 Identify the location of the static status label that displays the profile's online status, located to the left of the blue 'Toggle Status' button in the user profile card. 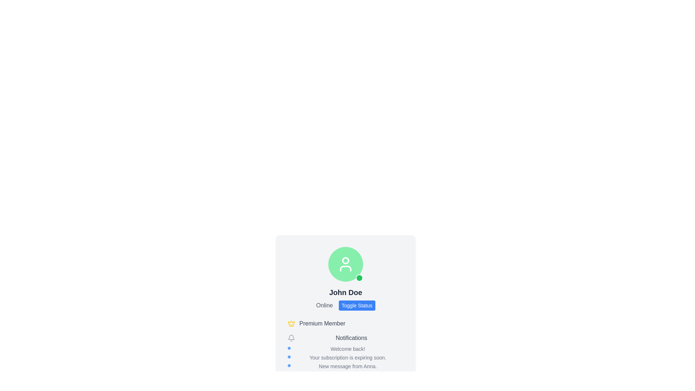
(324, 306).